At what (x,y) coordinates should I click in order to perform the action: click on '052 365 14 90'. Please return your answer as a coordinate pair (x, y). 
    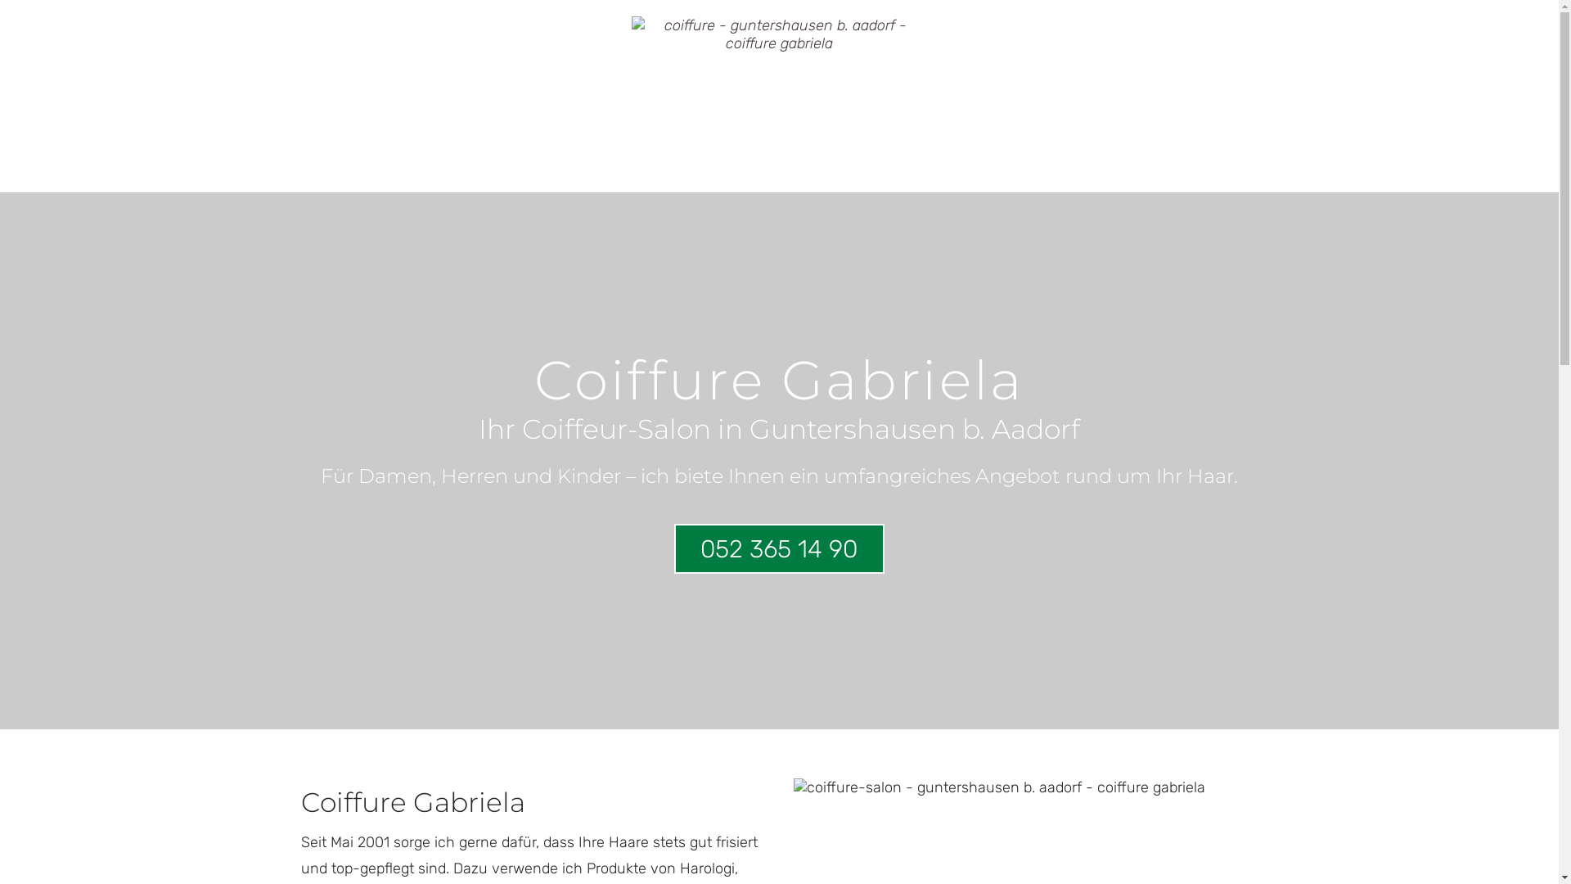
    Looking at the image, I should click on (778, 548).